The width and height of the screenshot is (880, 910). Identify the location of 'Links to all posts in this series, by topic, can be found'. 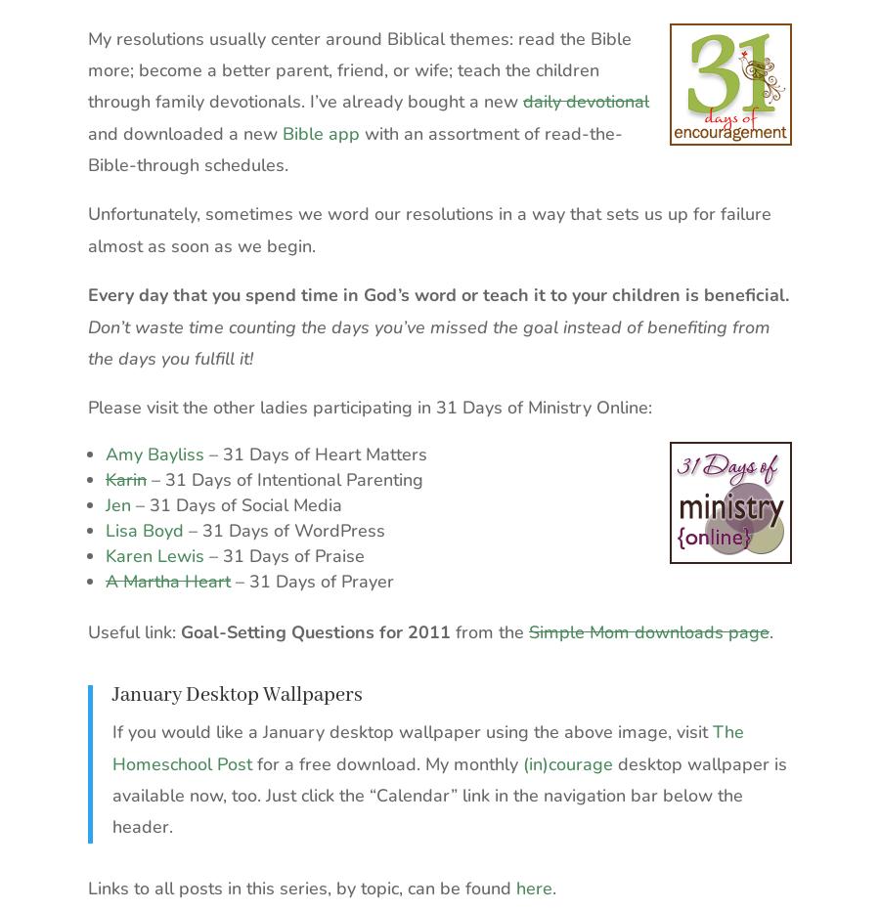
(300, 888).